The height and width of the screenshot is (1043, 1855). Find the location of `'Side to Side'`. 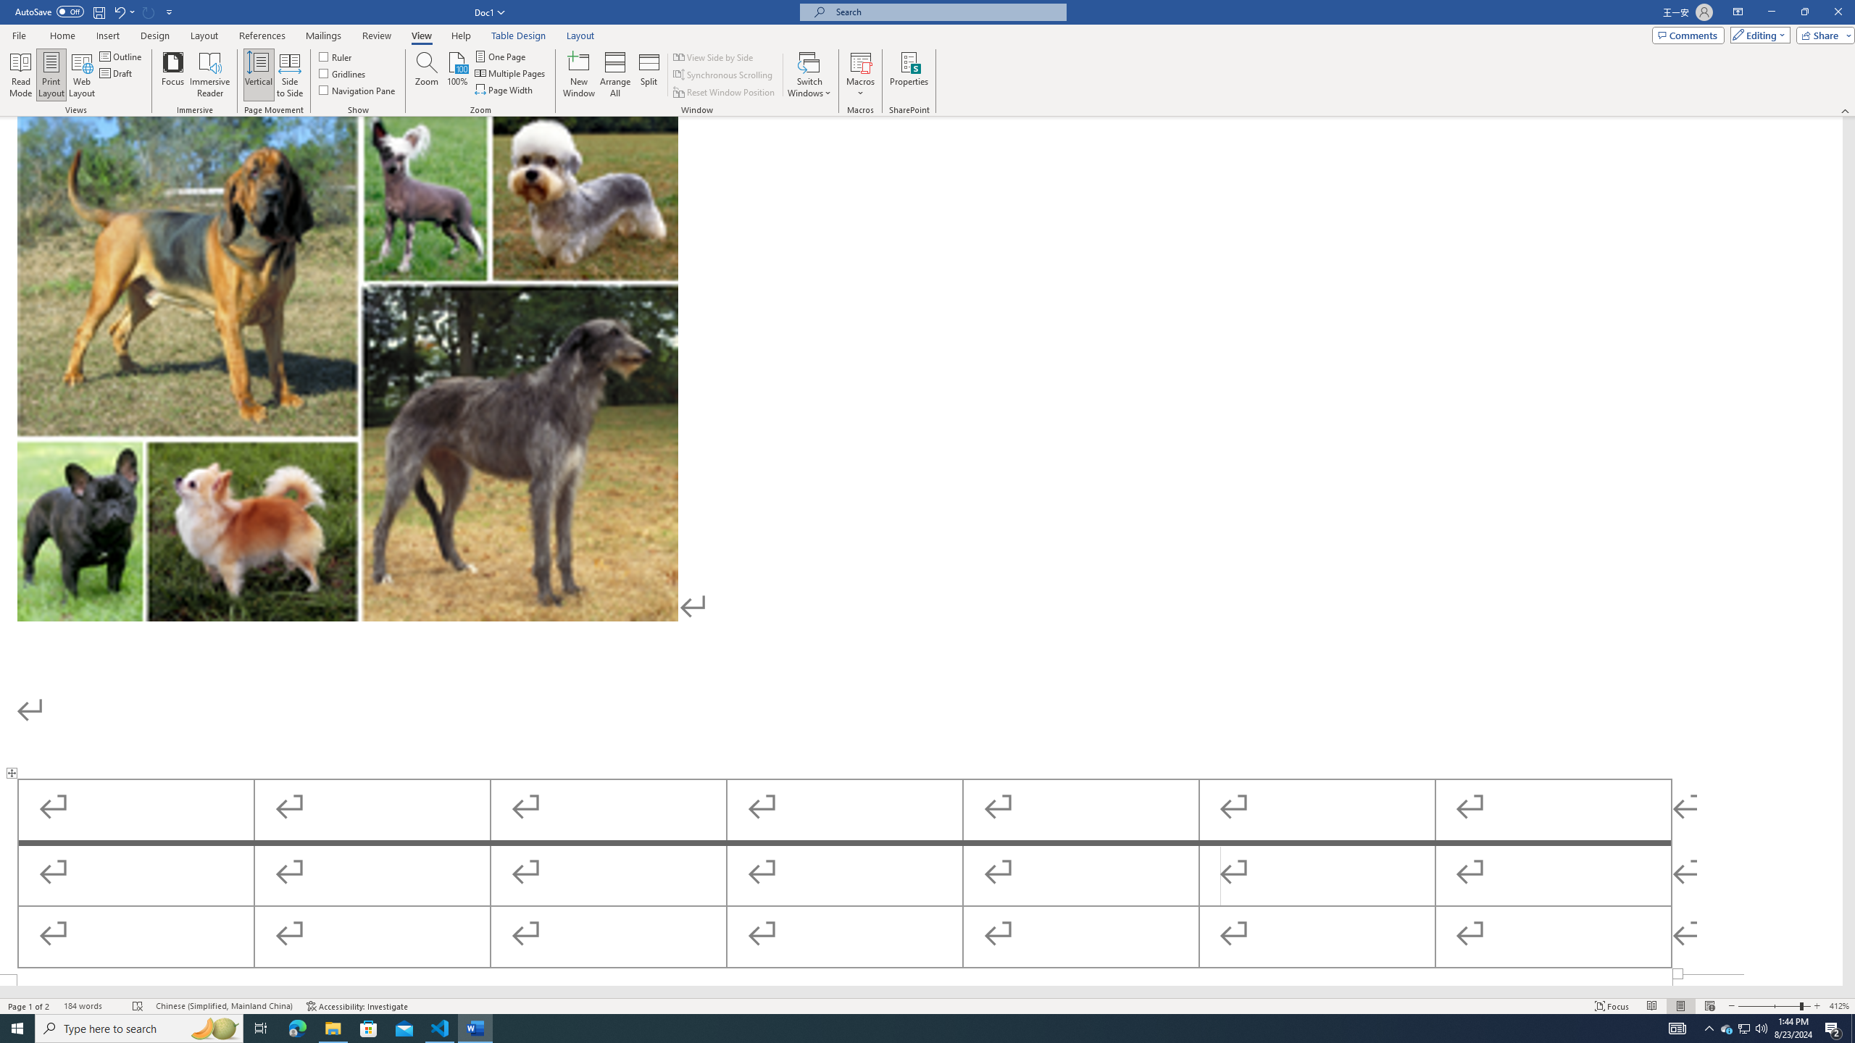

'Side to Side' is located at coordinates (289, 75).